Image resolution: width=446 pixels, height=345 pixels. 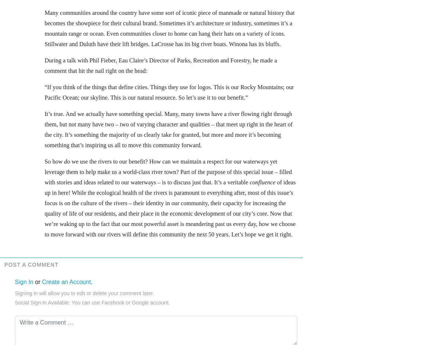 What do you see at coordinates (14, 293) in the screenshot?
I see `'Signing in will allow you to edit or delete your comment later.'` at bounding box center [14, 293].